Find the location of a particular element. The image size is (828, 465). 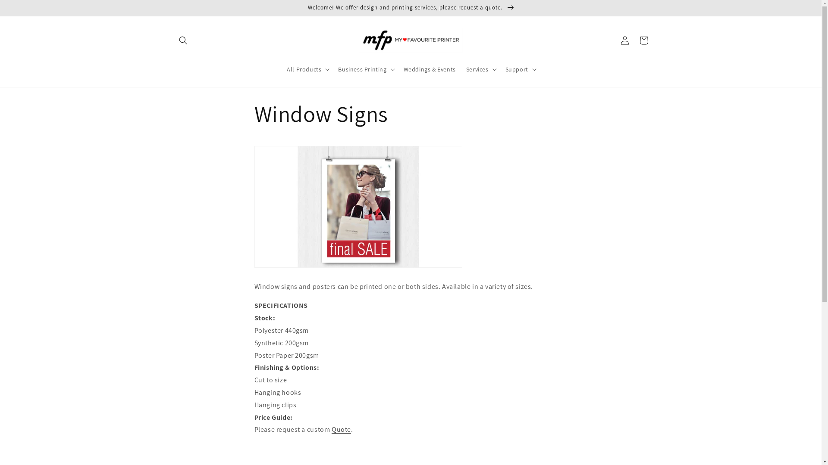

'Weddings & Events' is located at coordinates (430, 69).